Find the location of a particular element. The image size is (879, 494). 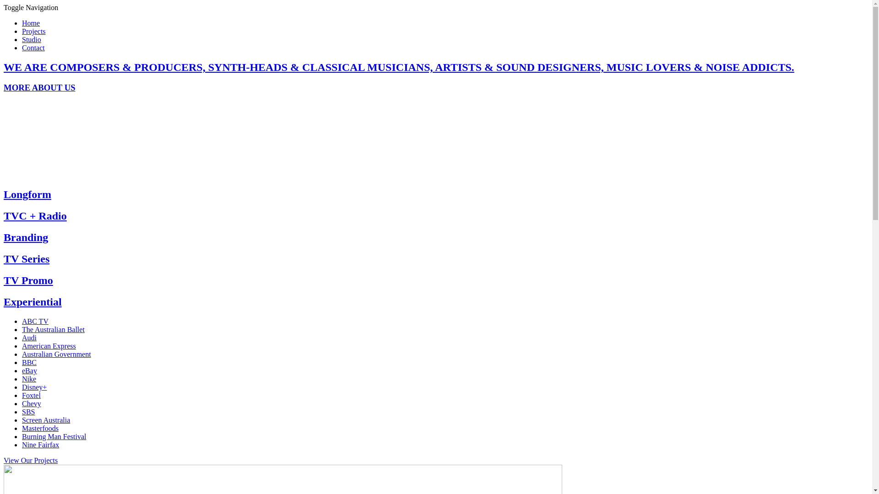

'TV Series' is located at coordinates (26, 259).